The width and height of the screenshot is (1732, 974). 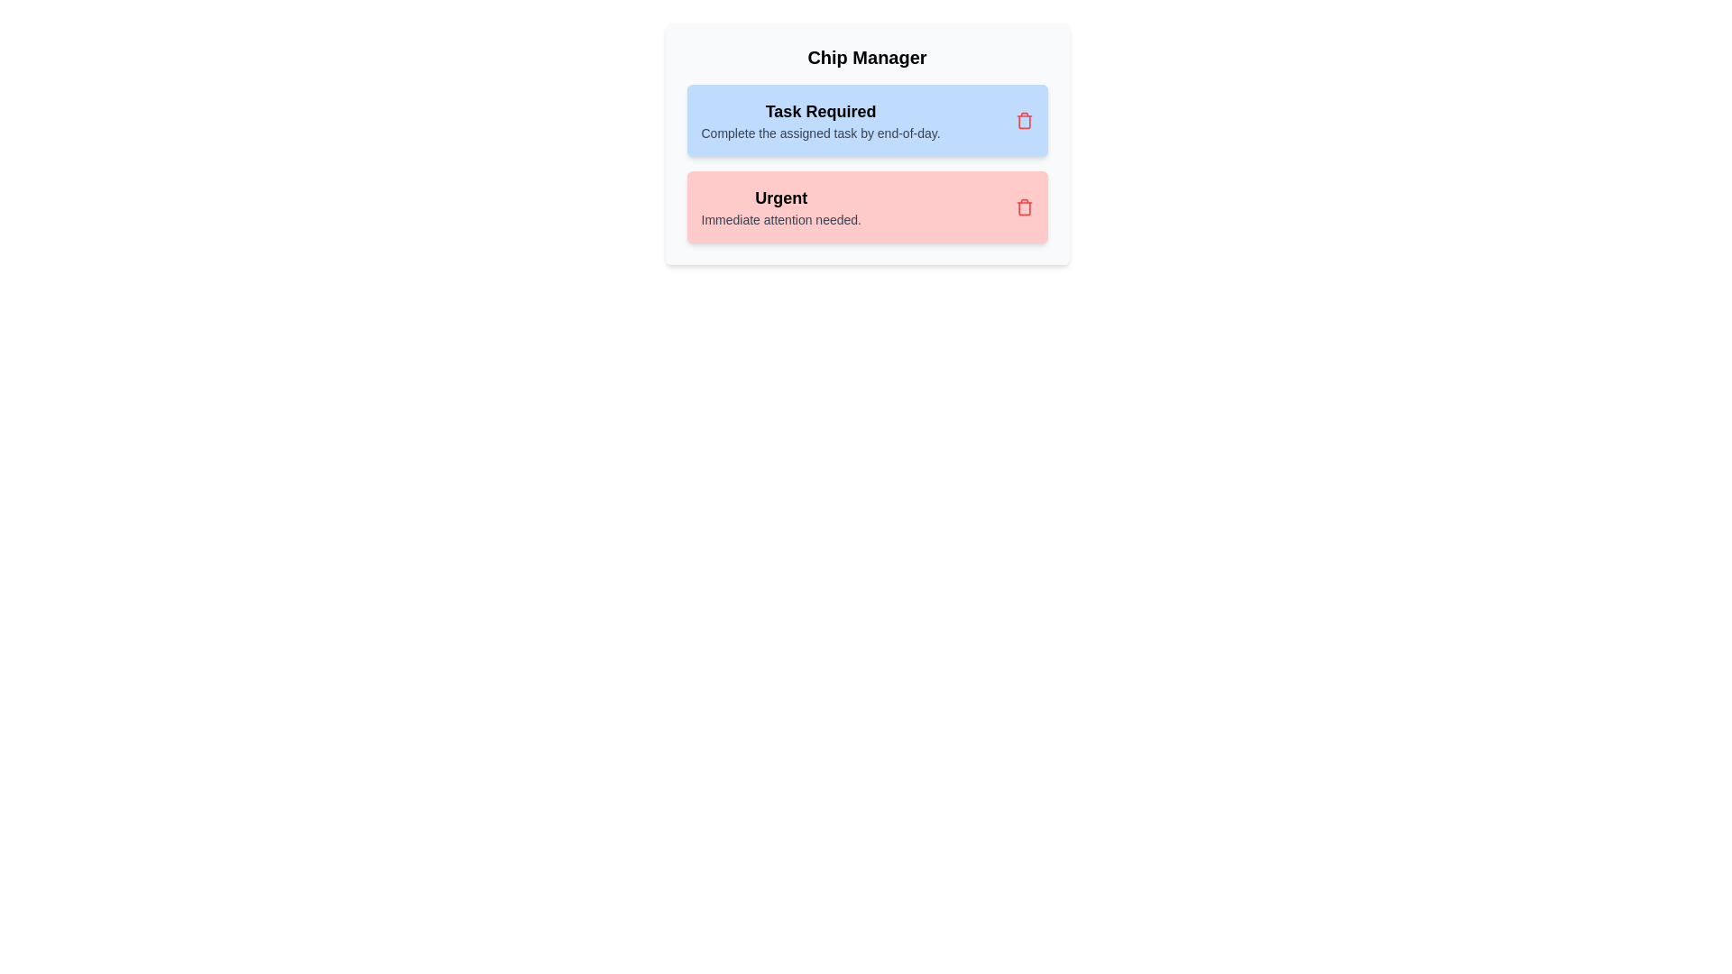 What do you see at coordinates (1024, 207) in the screenshot?
I see `the delete button for the chip labeled 'Urgent'` at bounding box center [1024, 207].